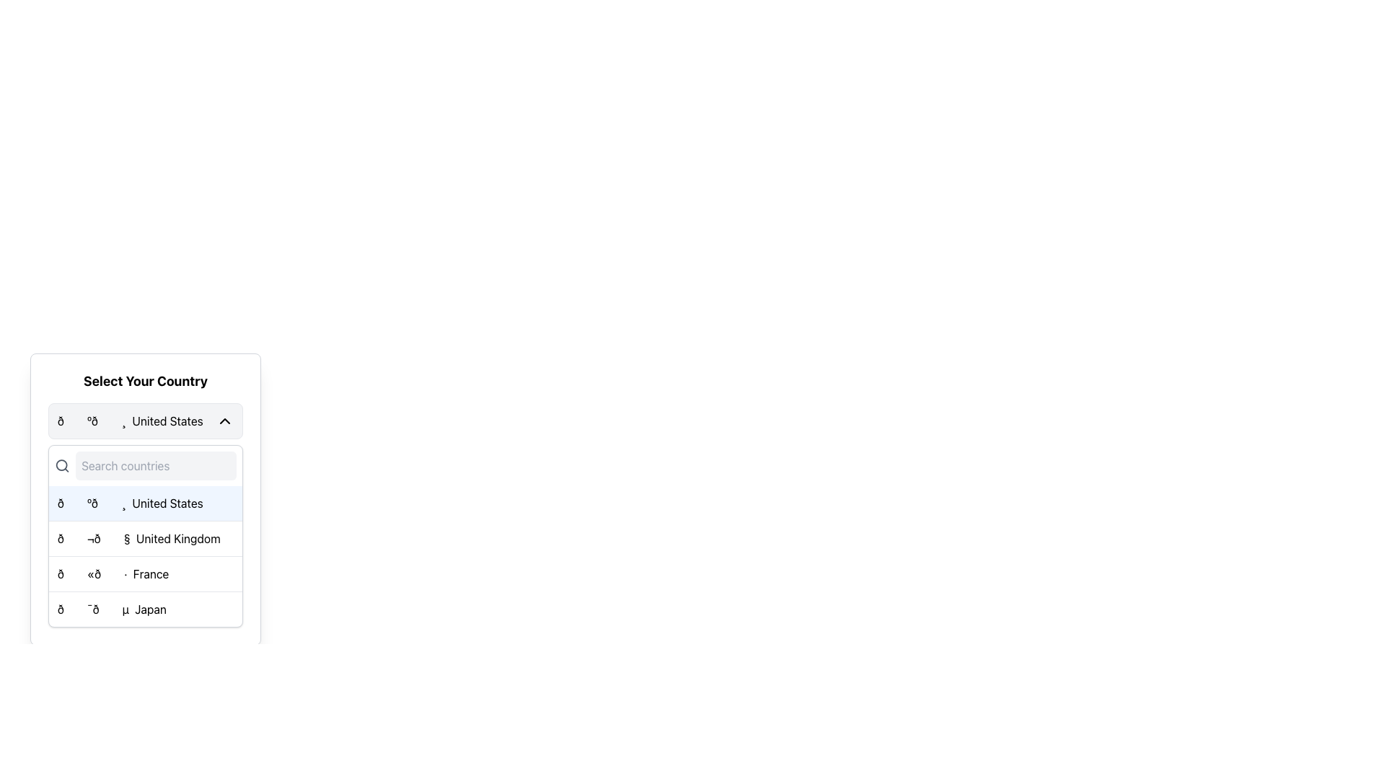 This screenshot has width=1385, height=779. What do you see at coordinates (93, 539) in the screenshot?
I see `the emoji-like icon representing the United Kingdom flag, located to the left of the text 'United Kingdom' in the dropdown menu under 'Select Your Country'` at bounding box center [93, 539].